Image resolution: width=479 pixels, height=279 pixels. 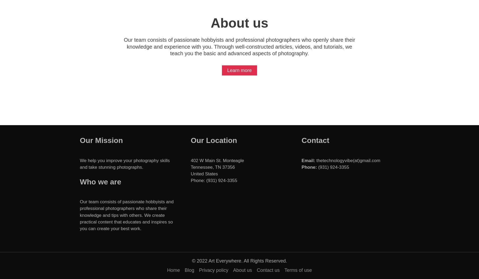 I want to click on 'Terms of use', so click(x=298, y=270).